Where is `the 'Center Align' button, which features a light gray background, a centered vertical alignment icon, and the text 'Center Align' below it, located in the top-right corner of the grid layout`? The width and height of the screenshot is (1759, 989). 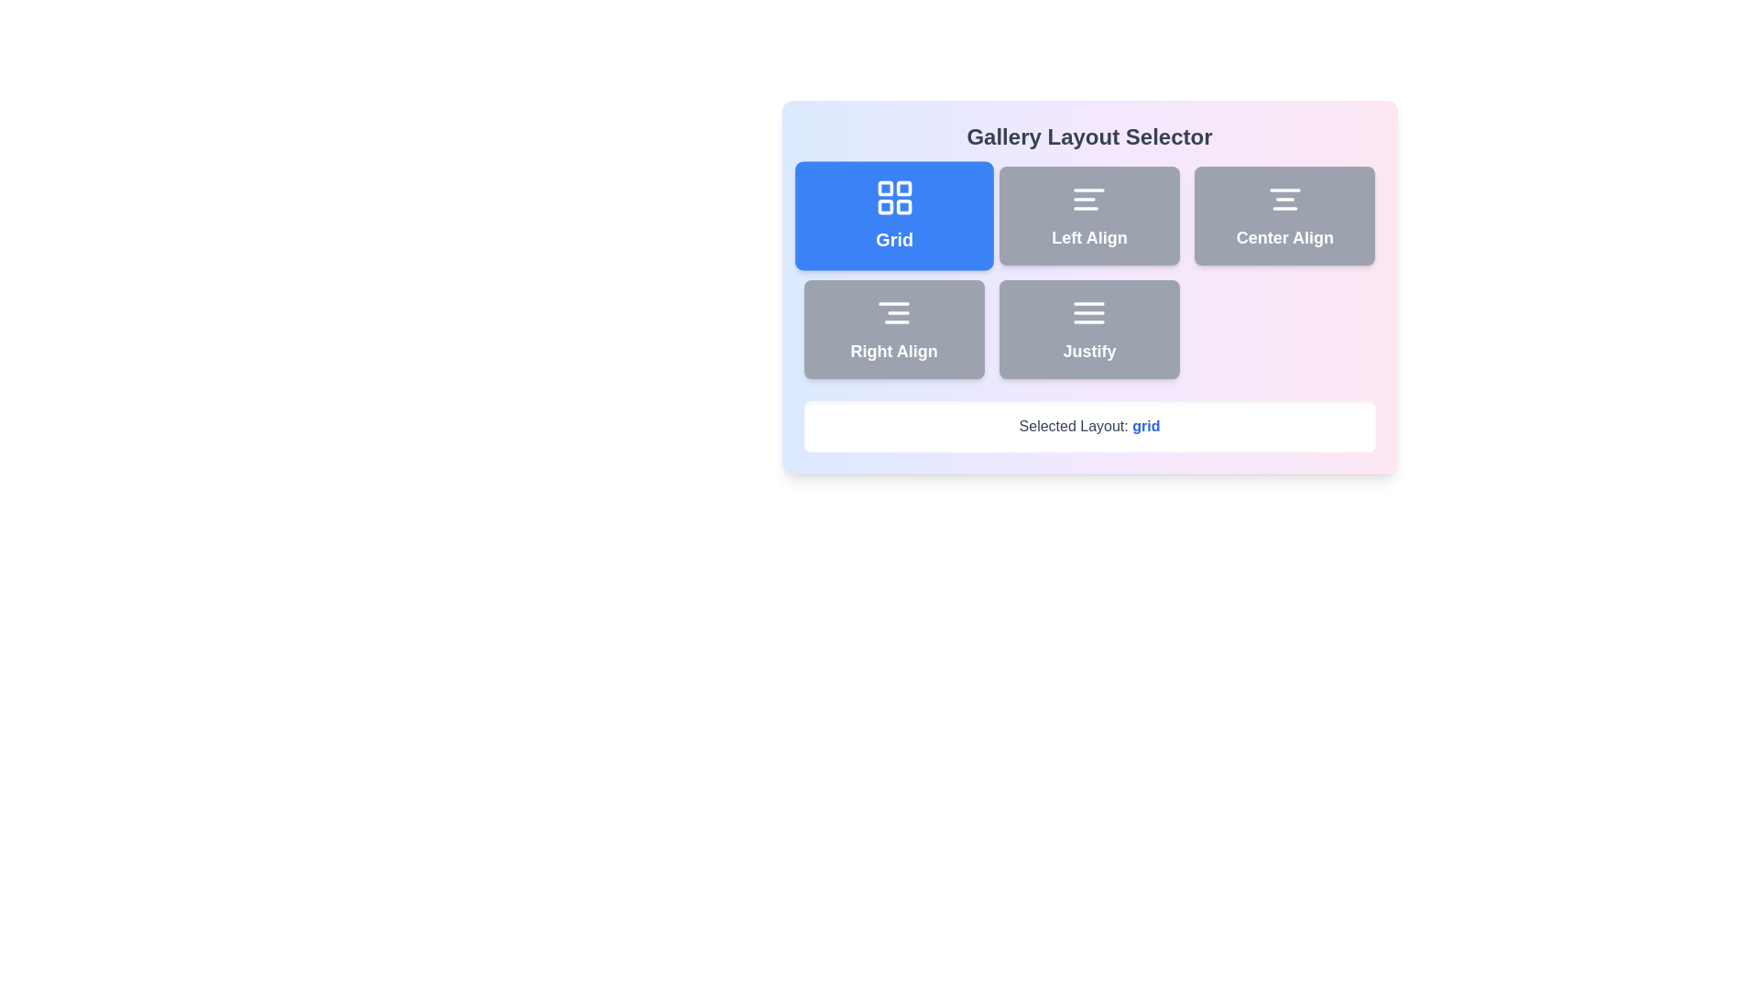
the 'Center Align' button, which features a light gray background, a centered vertical alignment icon, and the text 'Center Align' below it, located in the top-right corner of the grid layout is located at coordinates (1284, 214).